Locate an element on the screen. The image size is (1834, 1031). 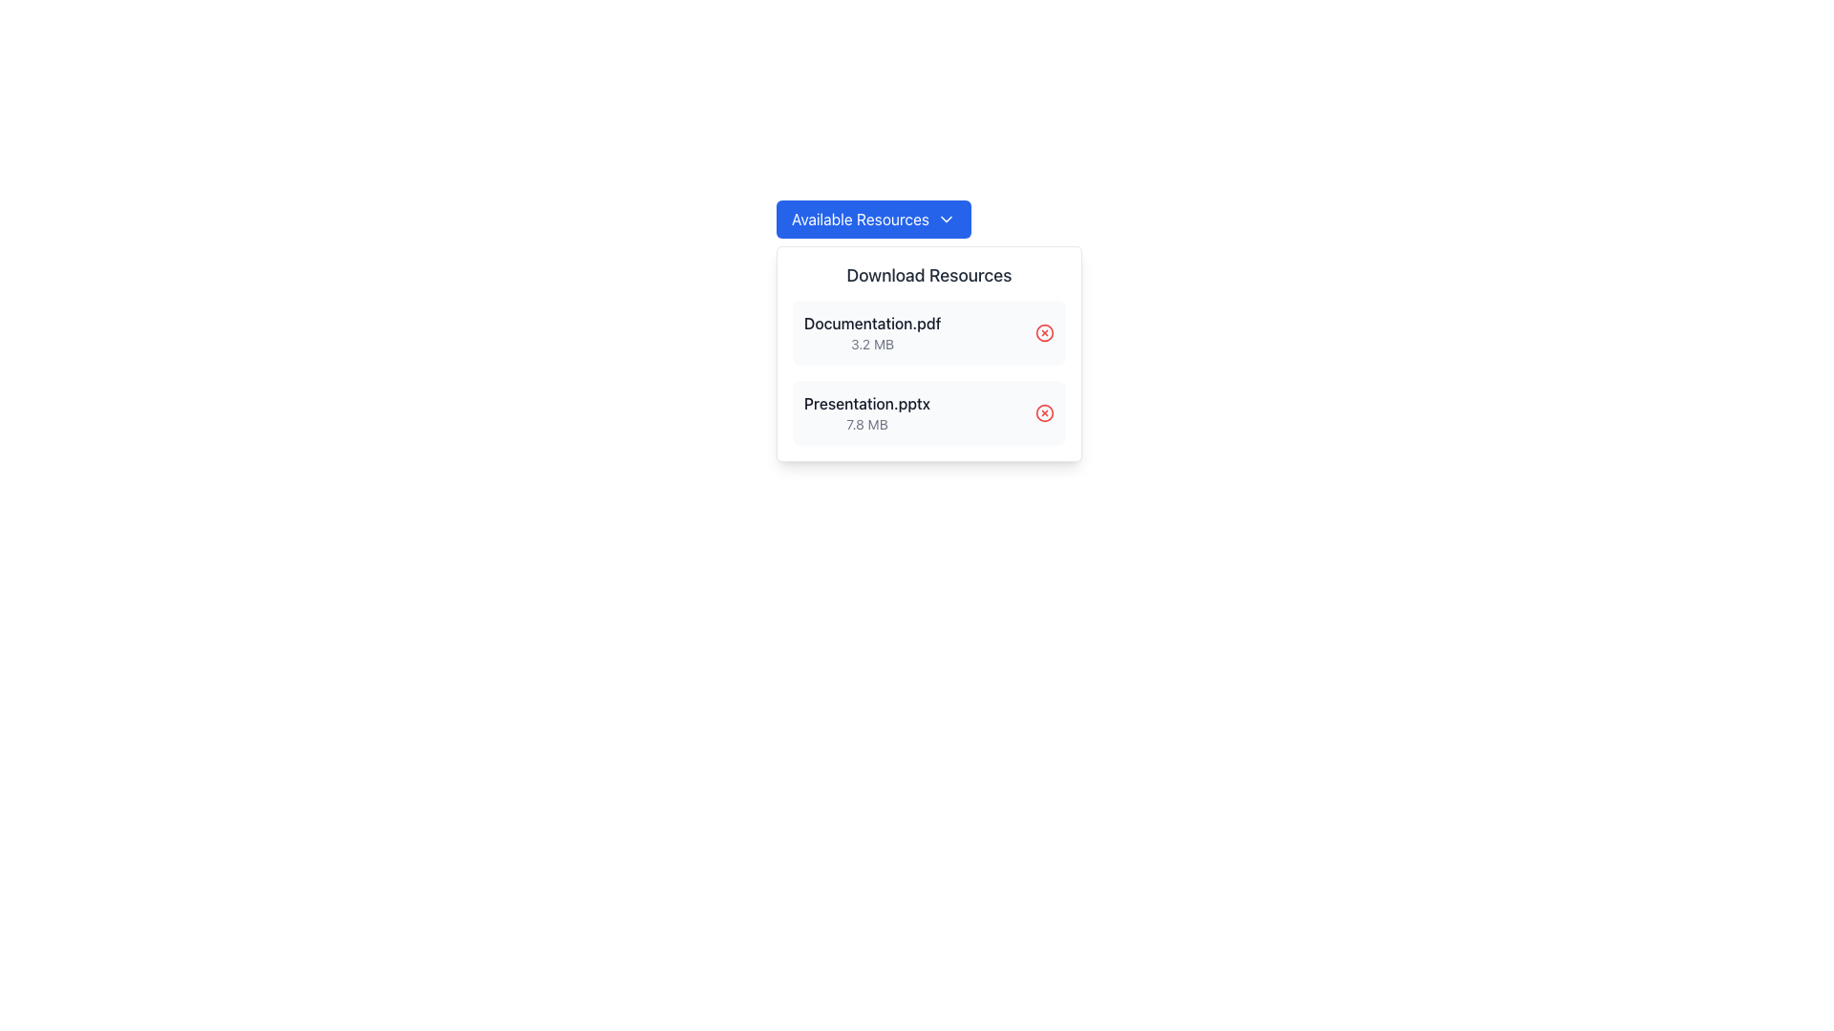
the text label displaying 'Presentation.pptx' in dark gray text, located under the 'Download Resources' section is located at coordinates (865, 403).